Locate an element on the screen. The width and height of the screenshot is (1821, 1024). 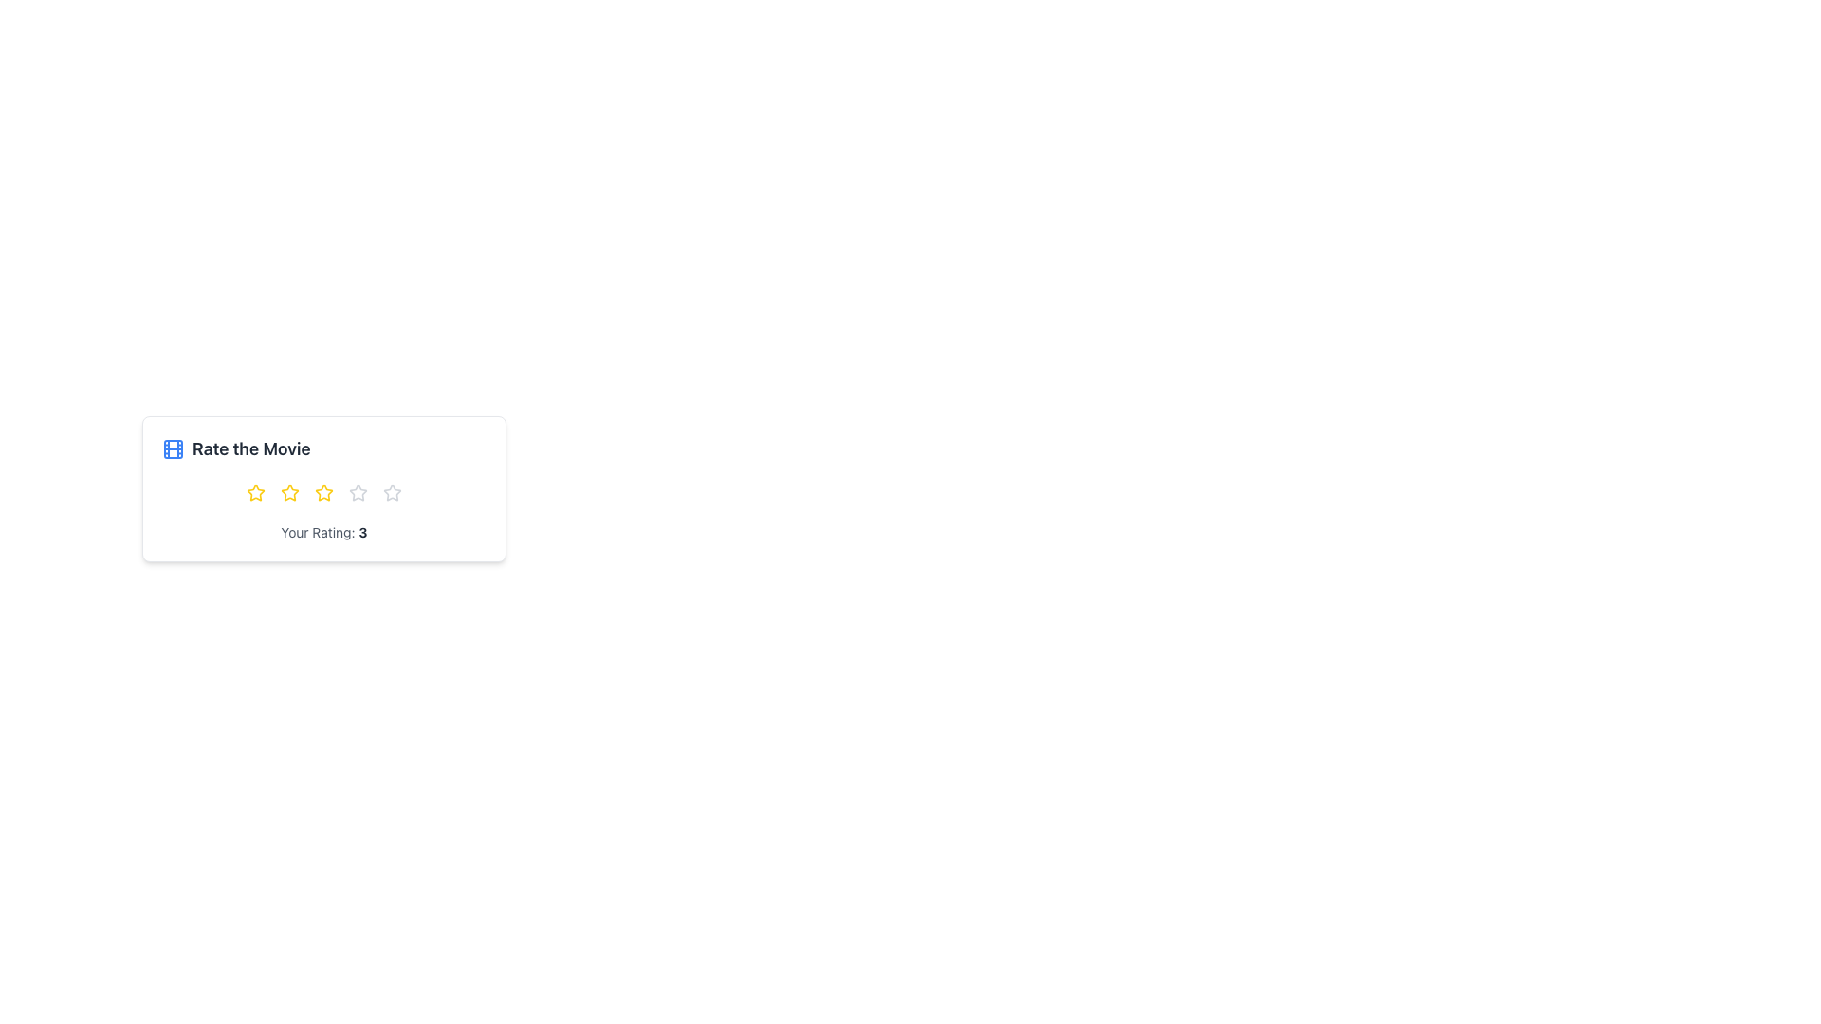
the third yellow outlined star icon with a hollow center in the rating section below the 'Rate the Movie' title is located at coordinates (323, 491).